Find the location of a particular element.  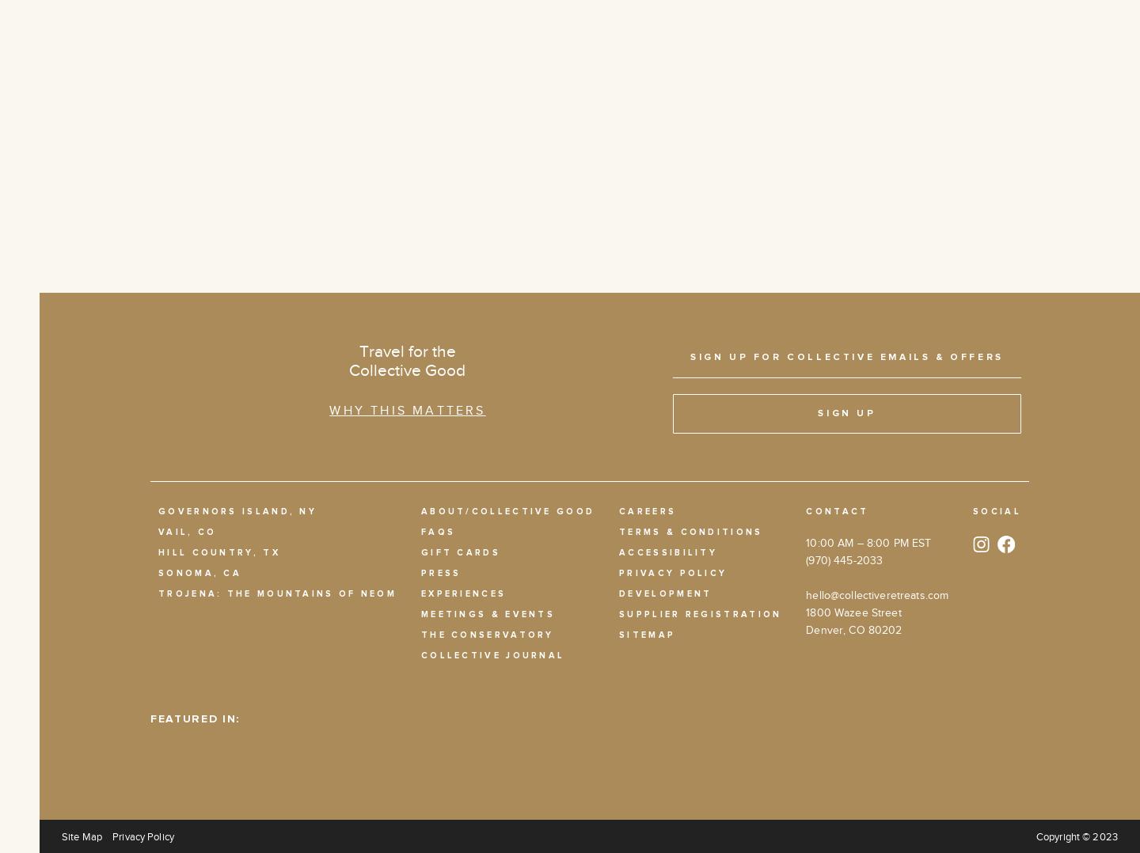

'Sonoma, CA' is located at coordinates (158, 571).